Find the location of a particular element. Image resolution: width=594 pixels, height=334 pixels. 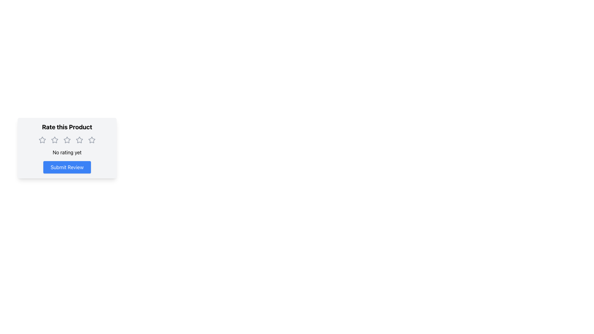

the fourth star-shaped outline icon in the 'Rate this Product' rating field is located at coordinates (79, 140).